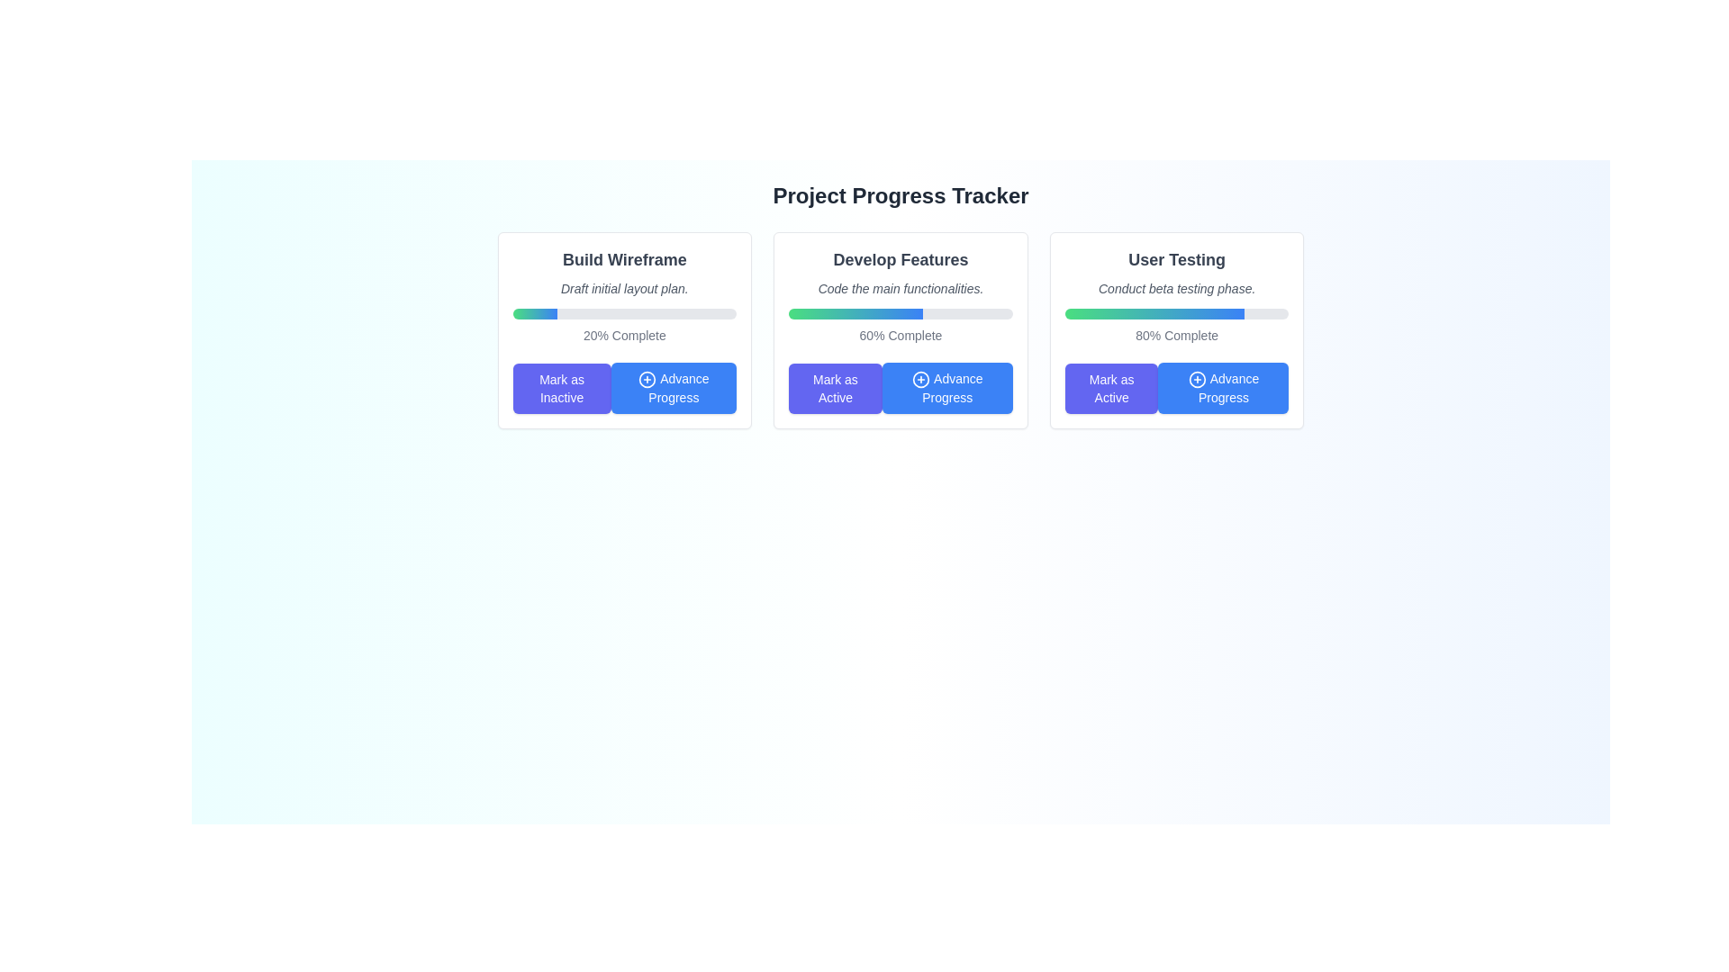  What do you see at coordinates (647, 379) in the screenshot?
I see `the visual representation of the icon located inside the 'Advance Progress' button in the bottom-right corner of the 'Build Wireframe' card` at bounding box center [647, 379].